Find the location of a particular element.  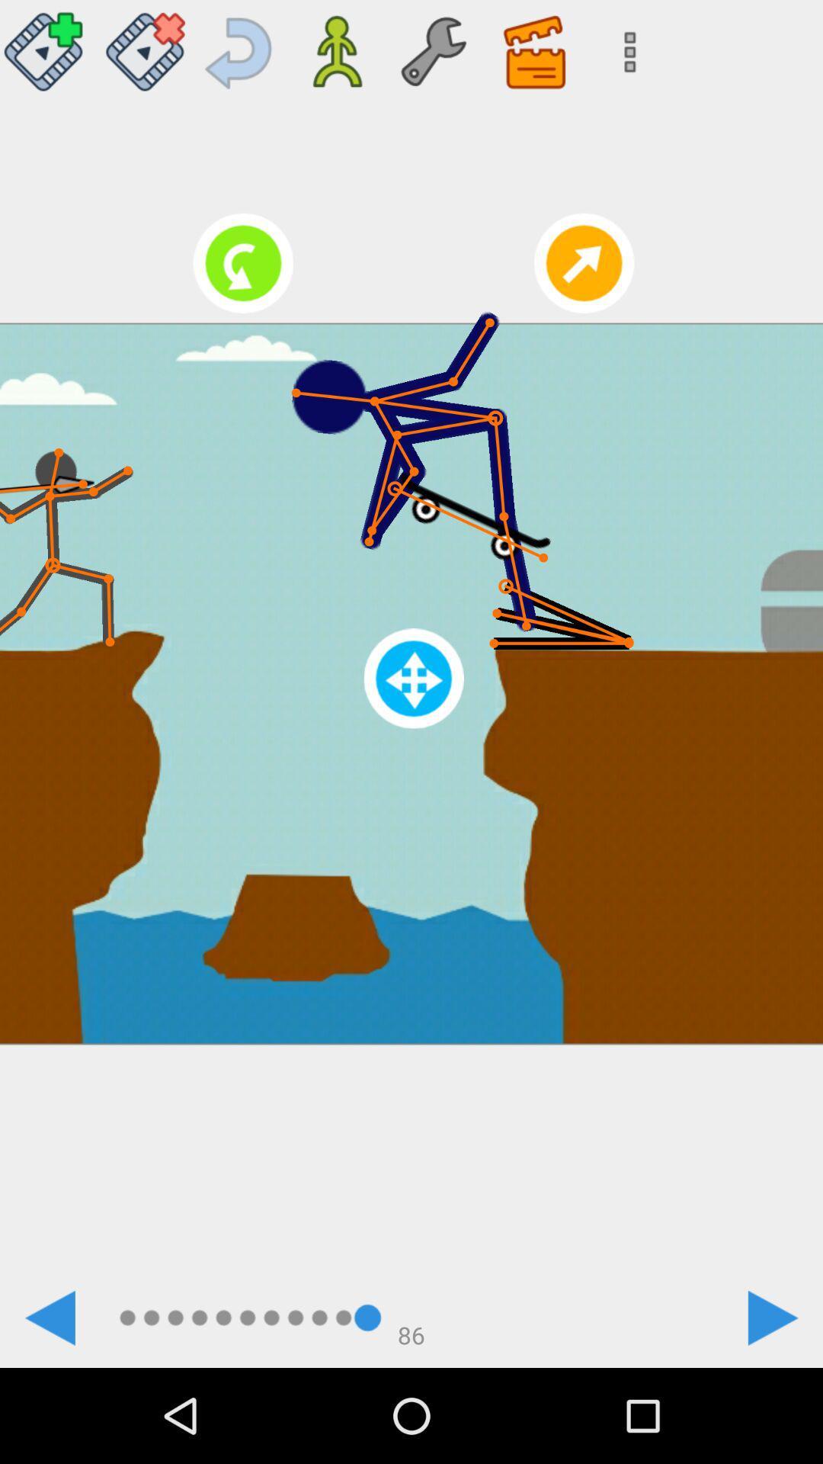

more options is located at coordinates (625, 46).